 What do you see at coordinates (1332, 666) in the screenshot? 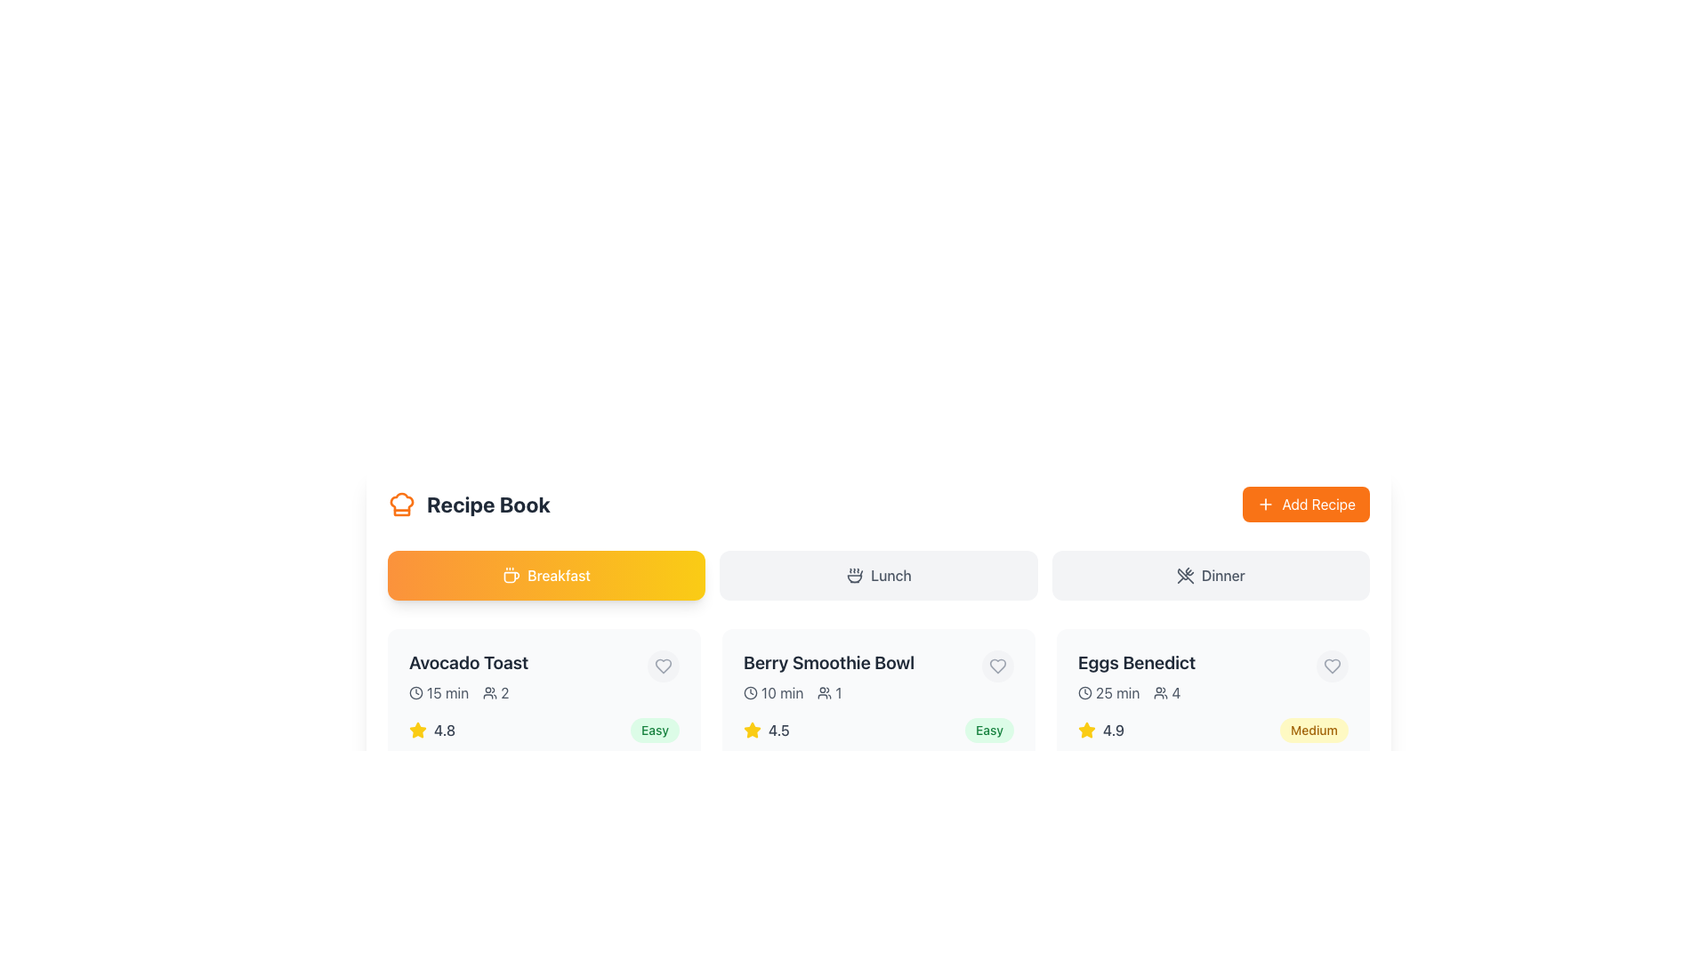
I see `the gray heart icon button located at the top-right corner of the 'Eggs Benedict' recipe card to potentially see a tooltip` at bounding box center [1332, 666].